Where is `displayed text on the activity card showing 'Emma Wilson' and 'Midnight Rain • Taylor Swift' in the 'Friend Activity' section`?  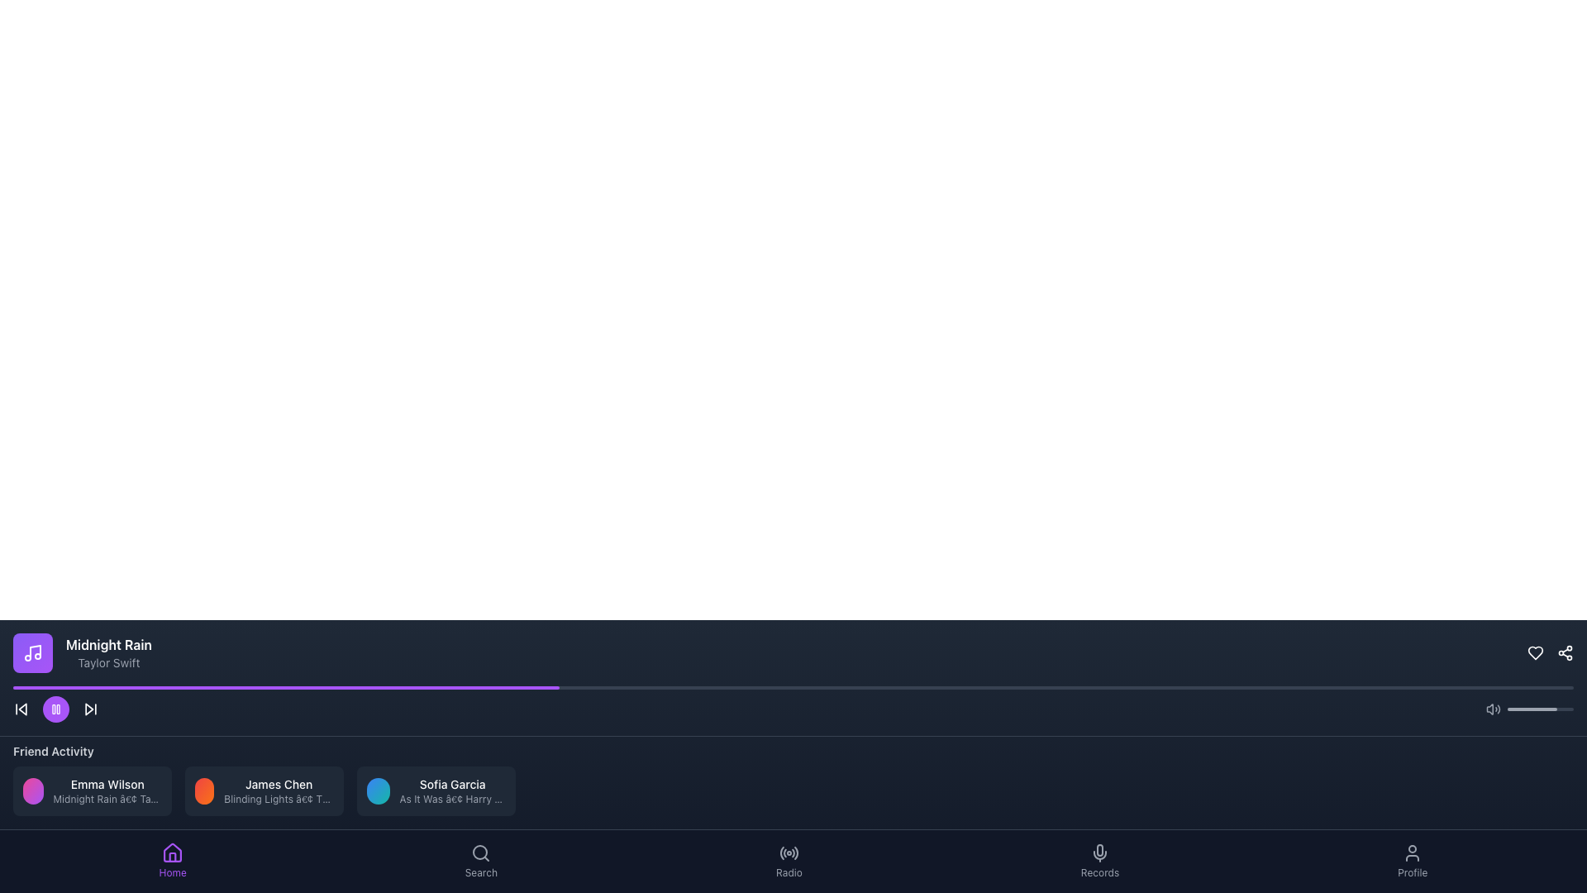 displayed text on the activity card showing 'Emma Wilson' and 'Midnight Rain • Taylor Swift' in the 'Friend Activity' section is located at coordinates (91, 790).